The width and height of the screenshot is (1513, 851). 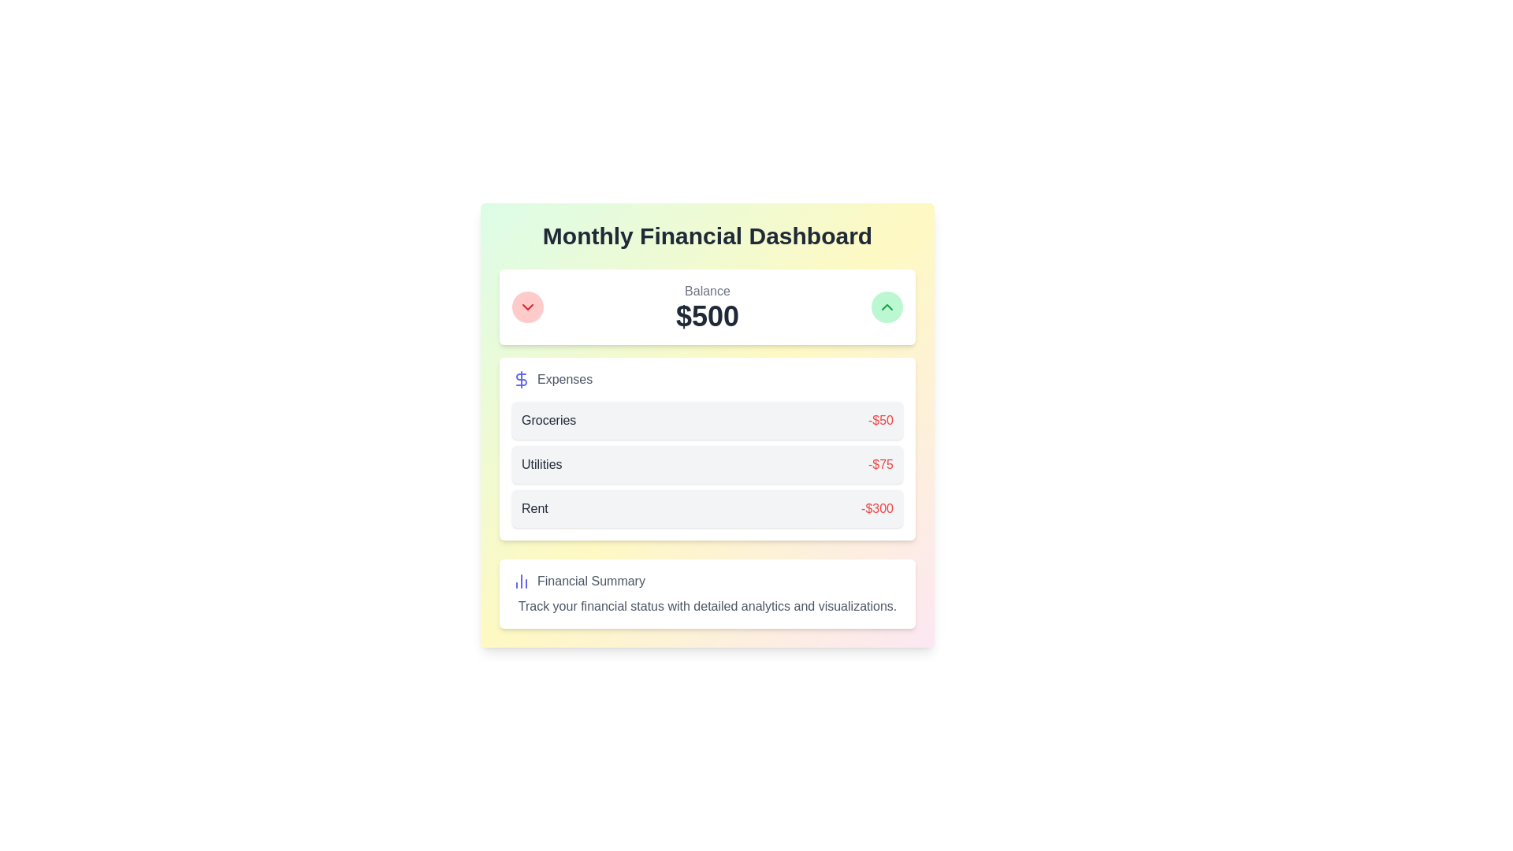 What do you see at coordinates (706, 316) in the screenshot?
I see `the text display showing '$500', which is styled in bold and large font, located directly below the 'Balance' label` at bounding box center [706, 316].